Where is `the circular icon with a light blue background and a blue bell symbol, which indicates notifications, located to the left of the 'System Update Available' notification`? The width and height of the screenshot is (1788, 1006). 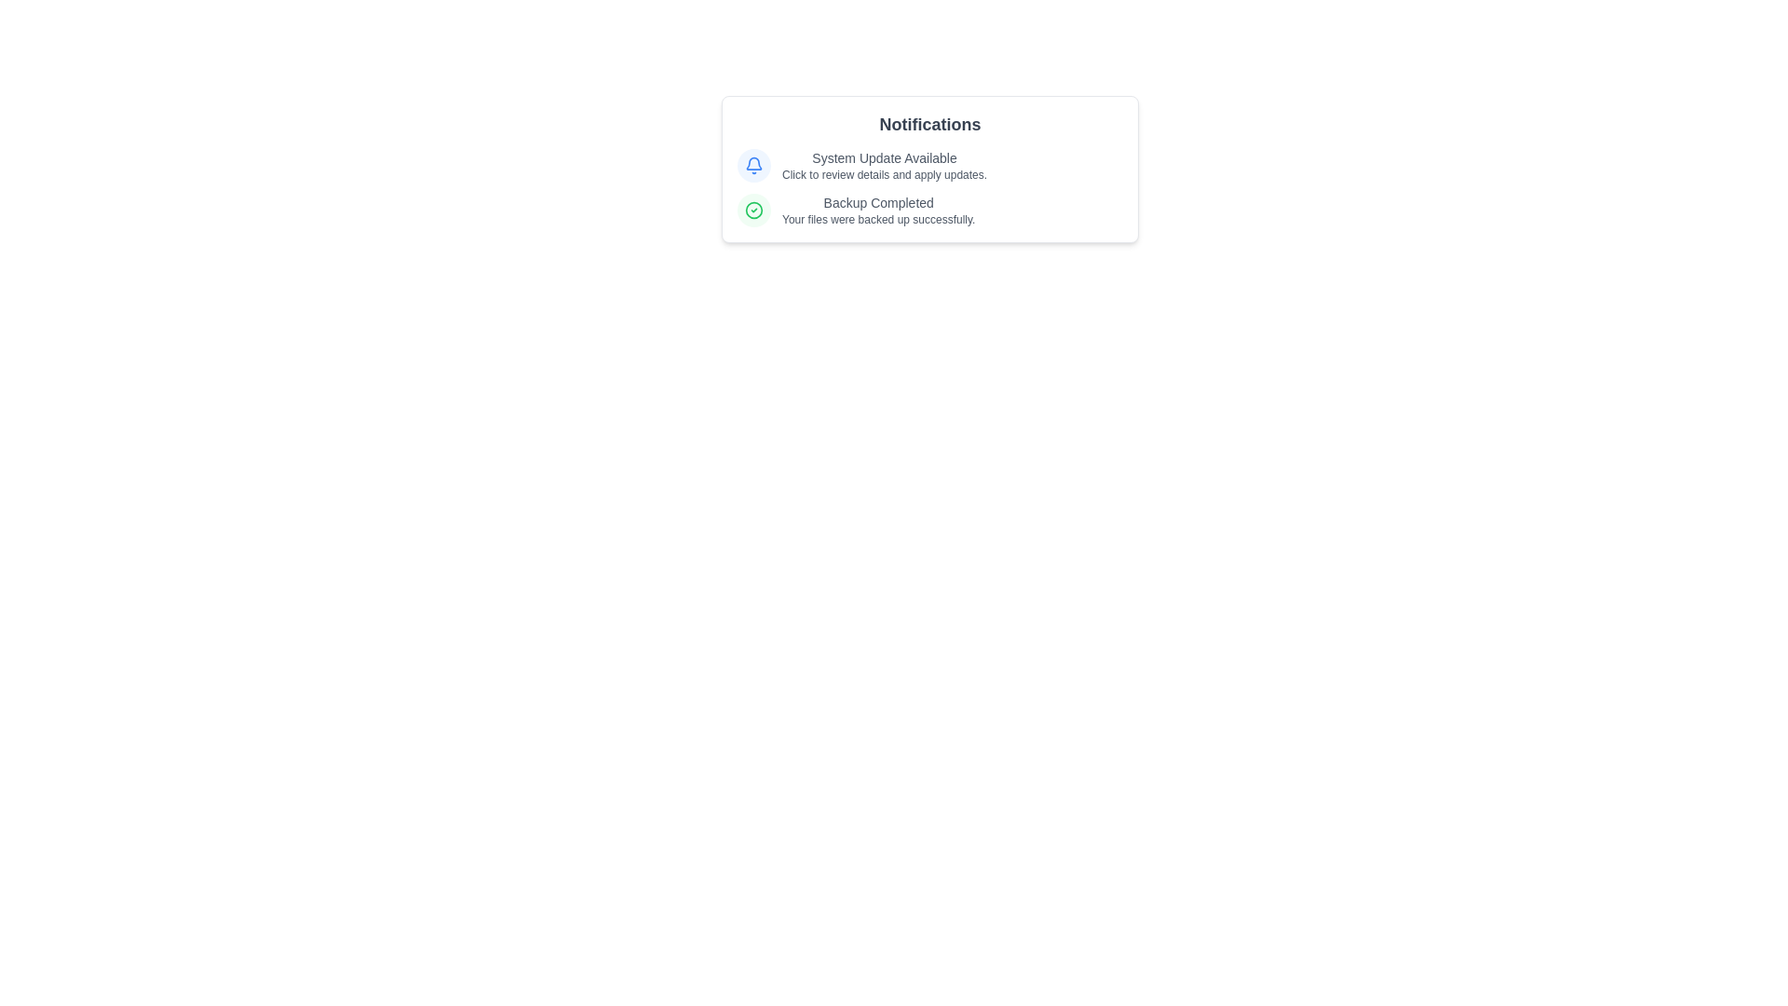 the circular icon with a light blue background and a blue bell symbol, which indicates notifications, located to the left of the 'System Update Available' notification is located at coordinates (754, 164).